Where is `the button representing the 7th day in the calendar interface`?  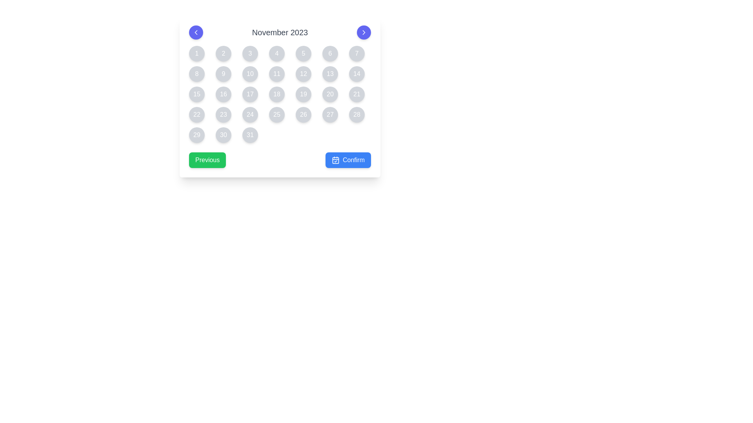 the button representing the 7th day in the calendar interface is located at coordinates (356, 53).